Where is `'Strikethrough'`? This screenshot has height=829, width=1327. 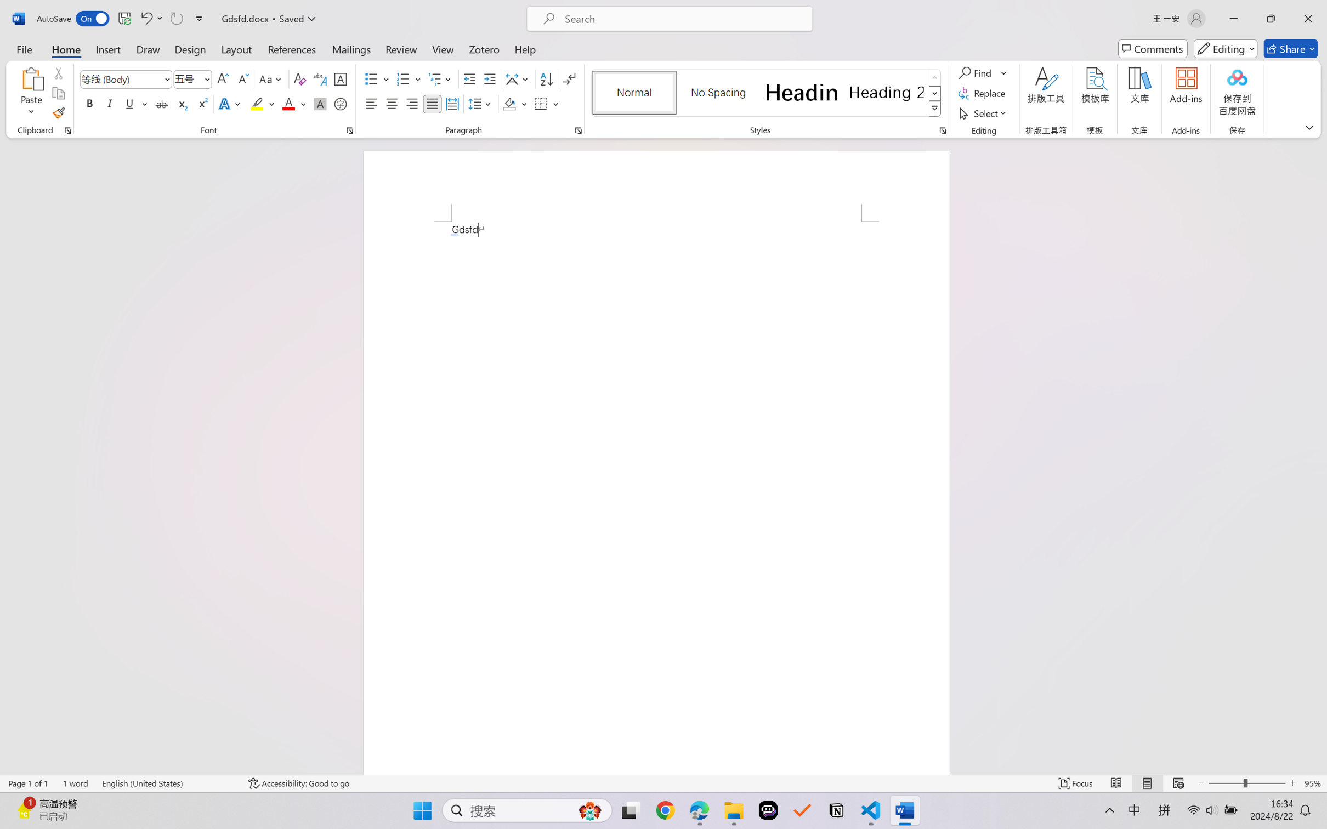 'Strikethrough' is located at coordinates (161, 103).